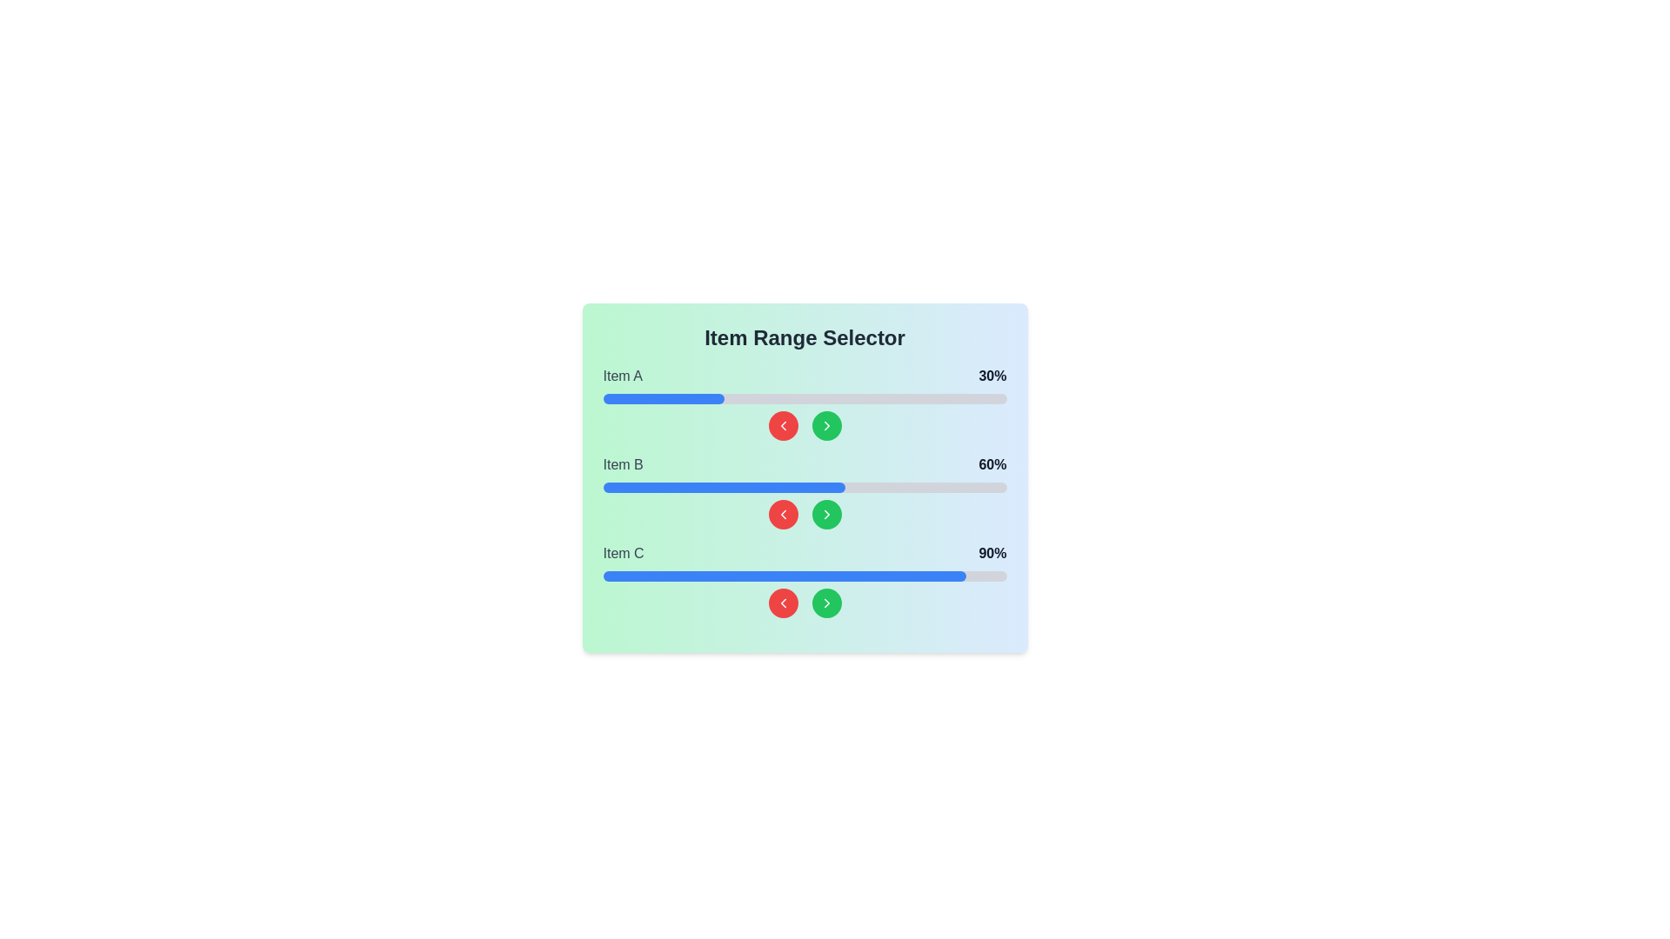  What do you see at coordinates (744, 576) in the screenshot?
I see `the value of Item C slider` at bounding box center [744, 576].